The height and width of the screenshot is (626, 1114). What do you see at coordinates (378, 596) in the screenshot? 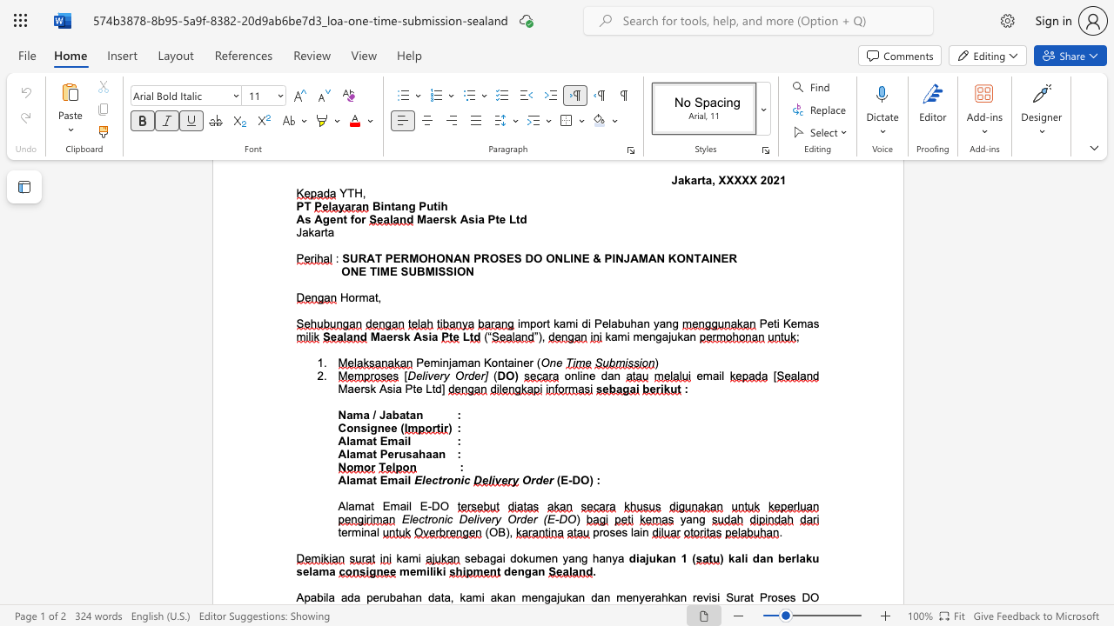
I see `the subset text "rubahan data, kami akan mengajuk" within the text "Apabila ada perubahan data, kami akan mengajukan dan menyerahkan revisi Surat"` at bounding box center [378, 596].